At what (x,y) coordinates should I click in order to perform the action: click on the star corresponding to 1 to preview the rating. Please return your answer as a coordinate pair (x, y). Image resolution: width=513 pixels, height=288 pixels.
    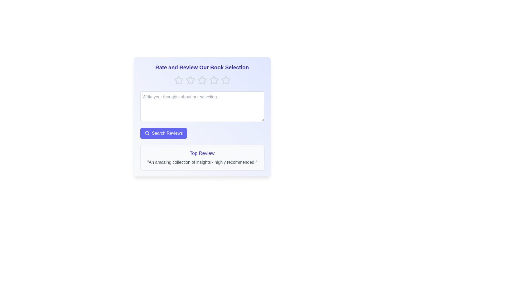
    Looking at the image, I should click on (178, 80).